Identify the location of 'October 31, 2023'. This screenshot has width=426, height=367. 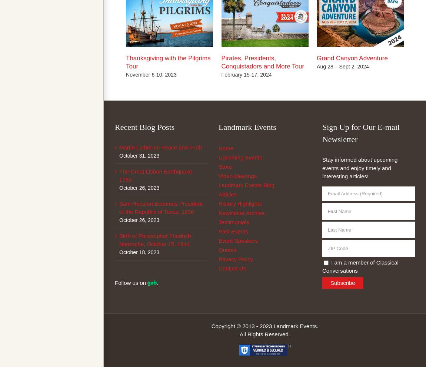
(139, 155).